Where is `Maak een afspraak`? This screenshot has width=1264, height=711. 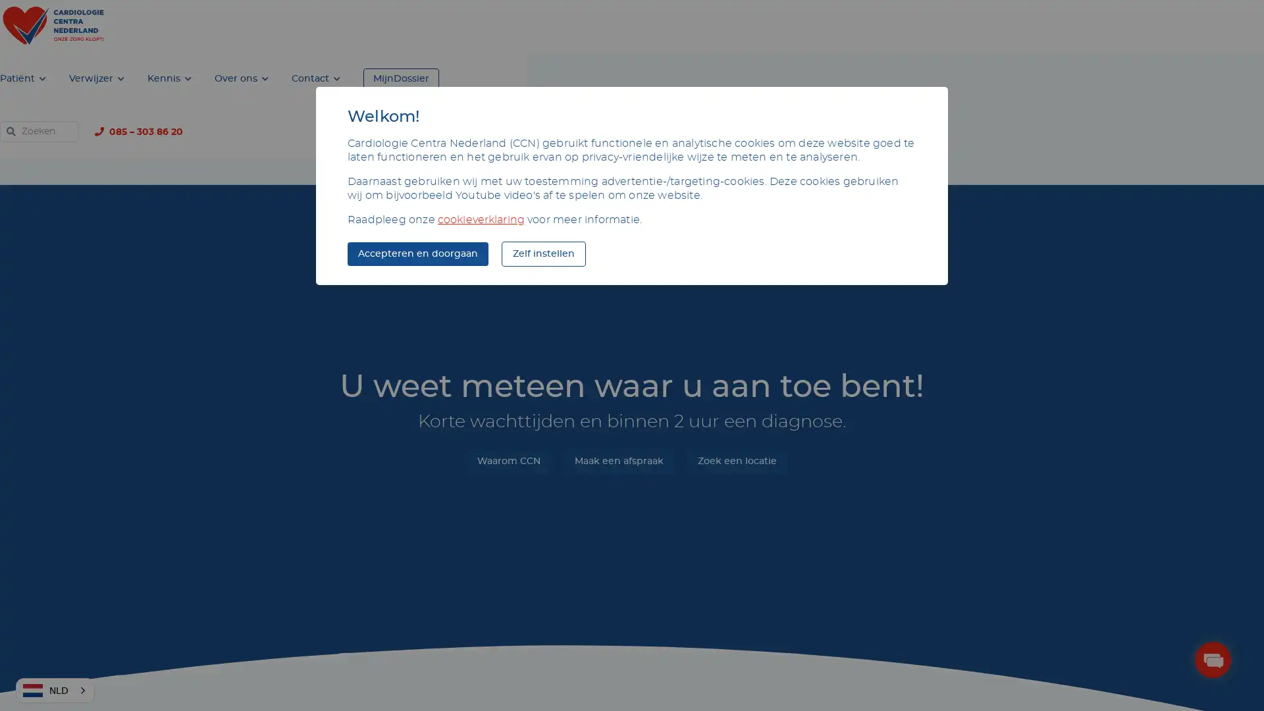
Maak een afspraak is located at coordinates (618, 408).